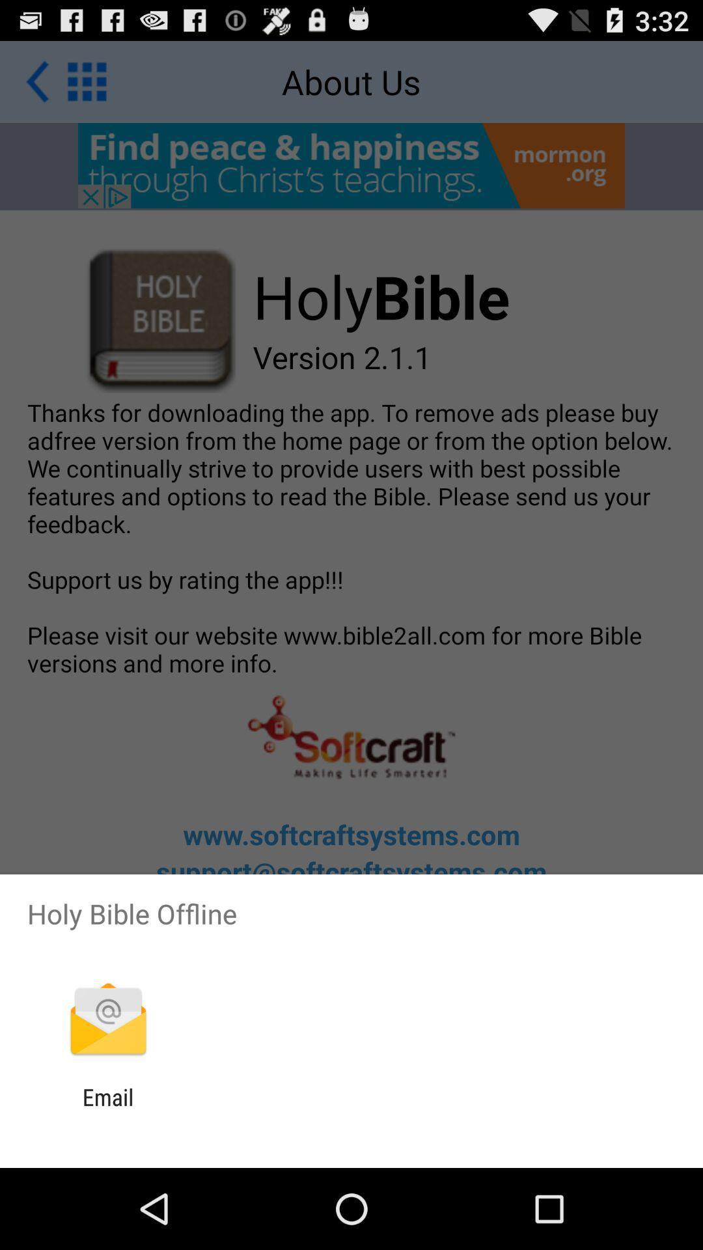  I want to click on the email, so click(107, 1110).